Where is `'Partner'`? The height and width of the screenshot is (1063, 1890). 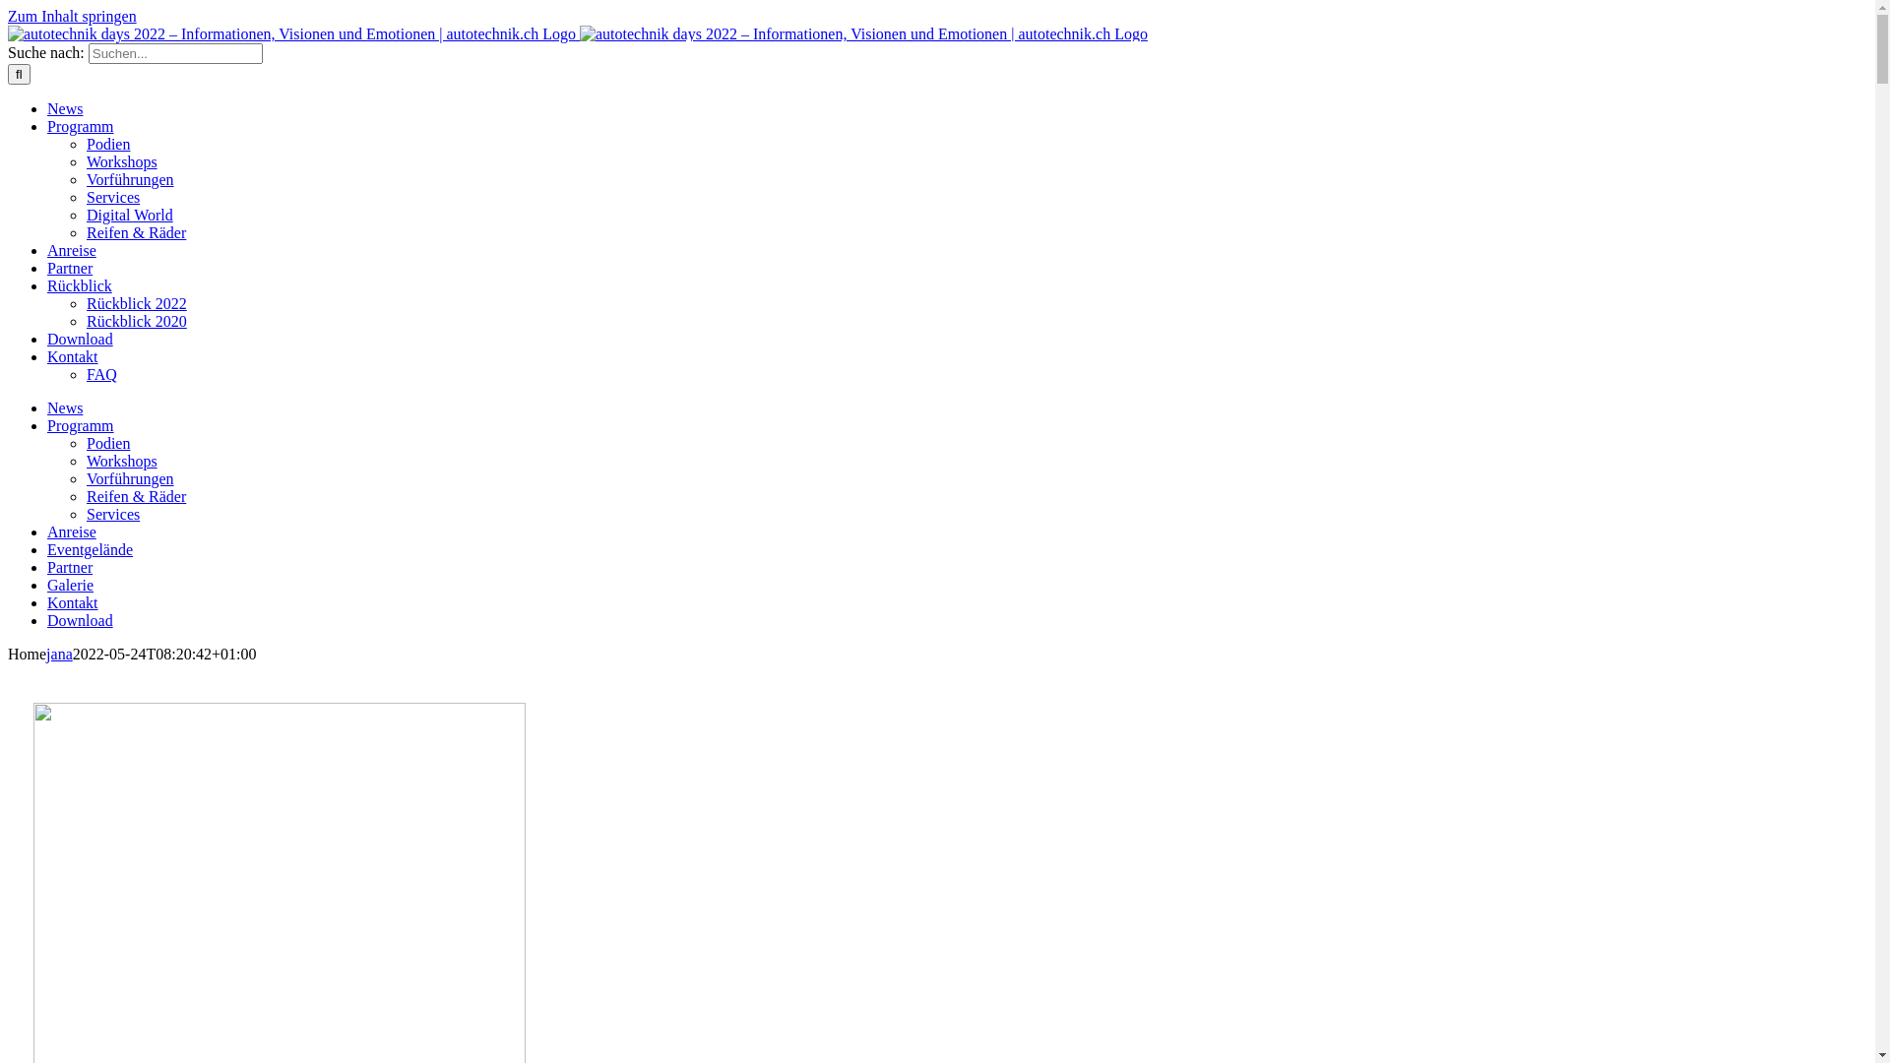
'Partner' is located at coordinates (70, 268).